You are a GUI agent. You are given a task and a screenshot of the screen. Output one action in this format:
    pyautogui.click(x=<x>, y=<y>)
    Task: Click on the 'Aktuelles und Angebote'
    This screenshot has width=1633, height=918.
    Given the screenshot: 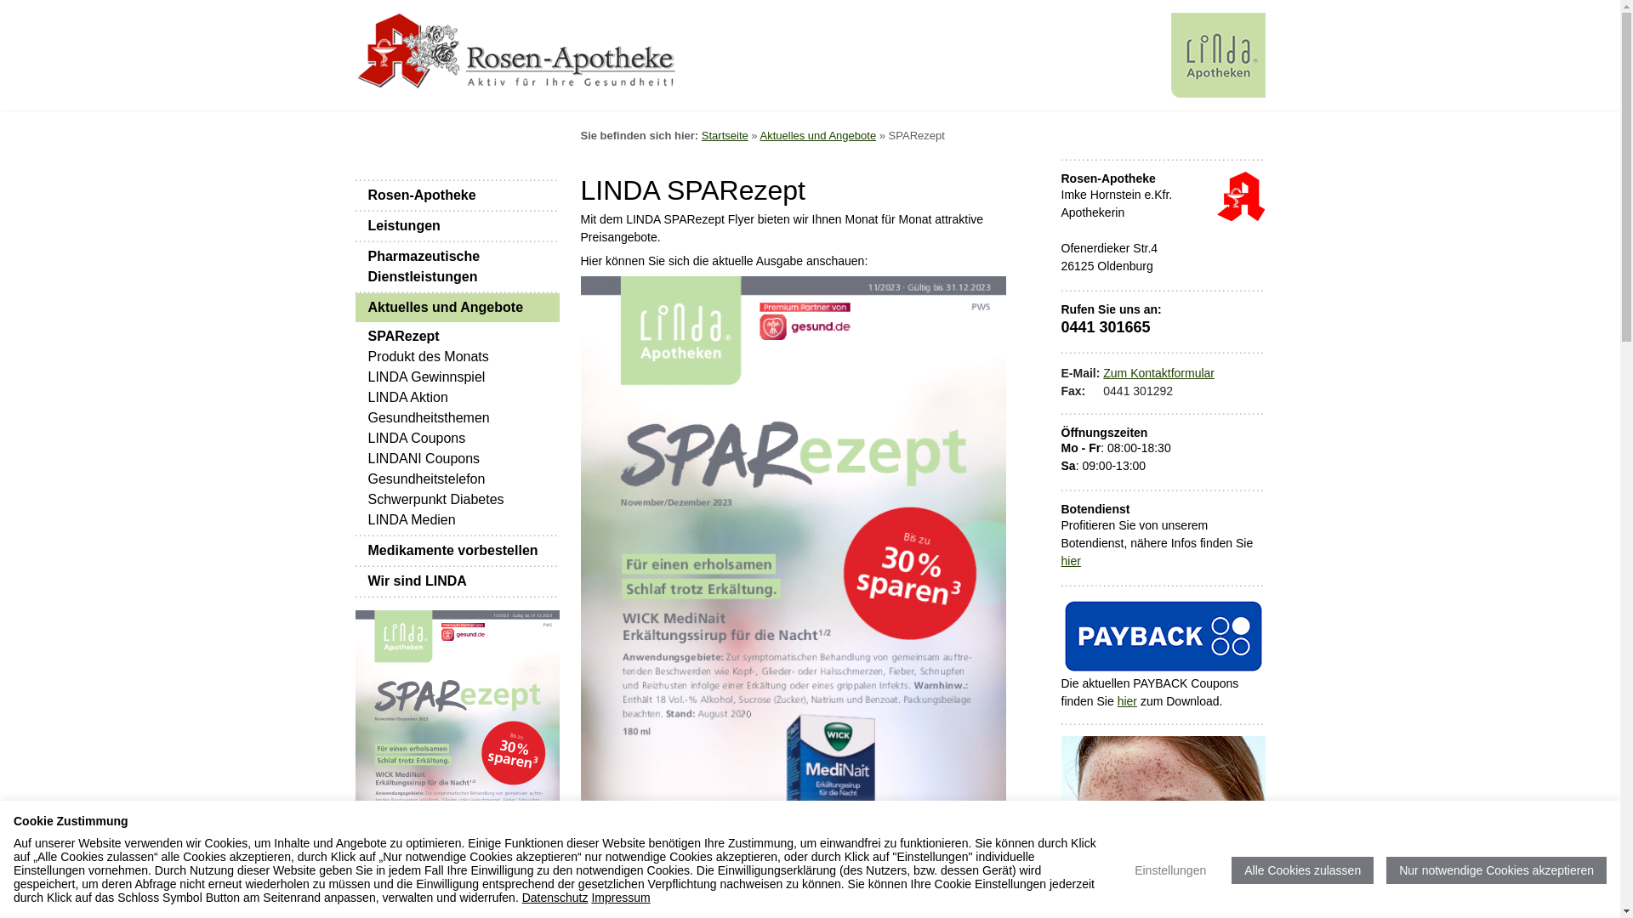 What is the action you would take?
    pyautogui.click(x=457, y=308)
    